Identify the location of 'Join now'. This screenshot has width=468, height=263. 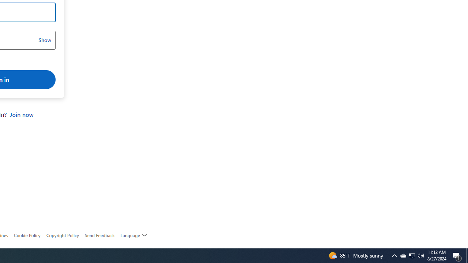
(21, 115).